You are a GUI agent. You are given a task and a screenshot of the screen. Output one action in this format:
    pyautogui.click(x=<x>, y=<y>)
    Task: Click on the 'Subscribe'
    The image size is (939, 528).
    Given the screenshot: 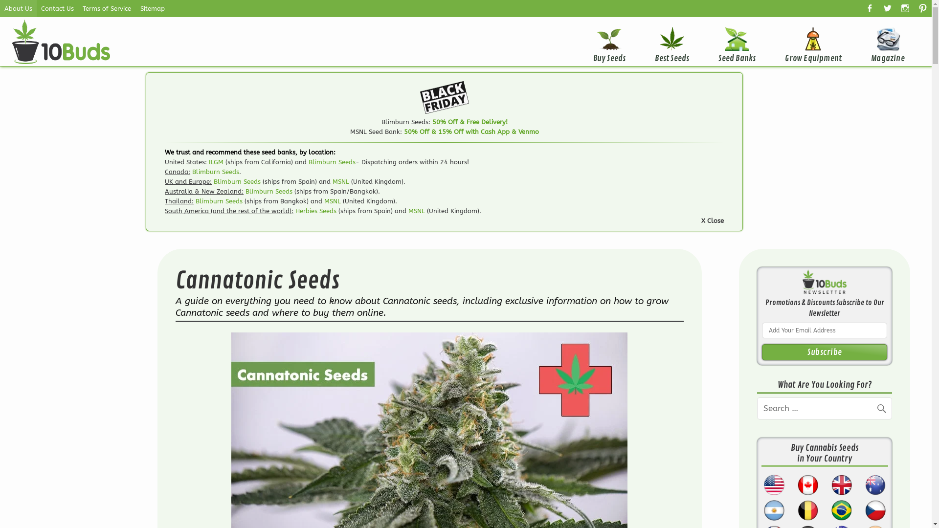 What is the action you would take?
    pyautogui.click(x=824, y=352)
    